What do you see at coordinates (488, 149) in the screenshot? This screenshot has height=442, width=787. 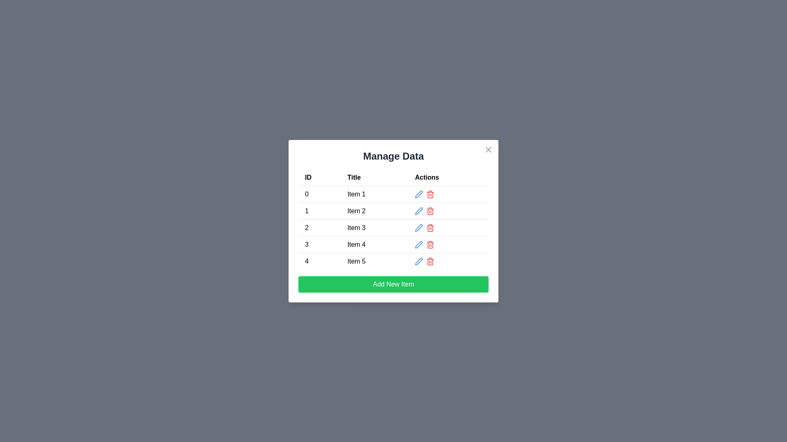 I see `the close button to close the dialog` at bounding box center [488, 149].